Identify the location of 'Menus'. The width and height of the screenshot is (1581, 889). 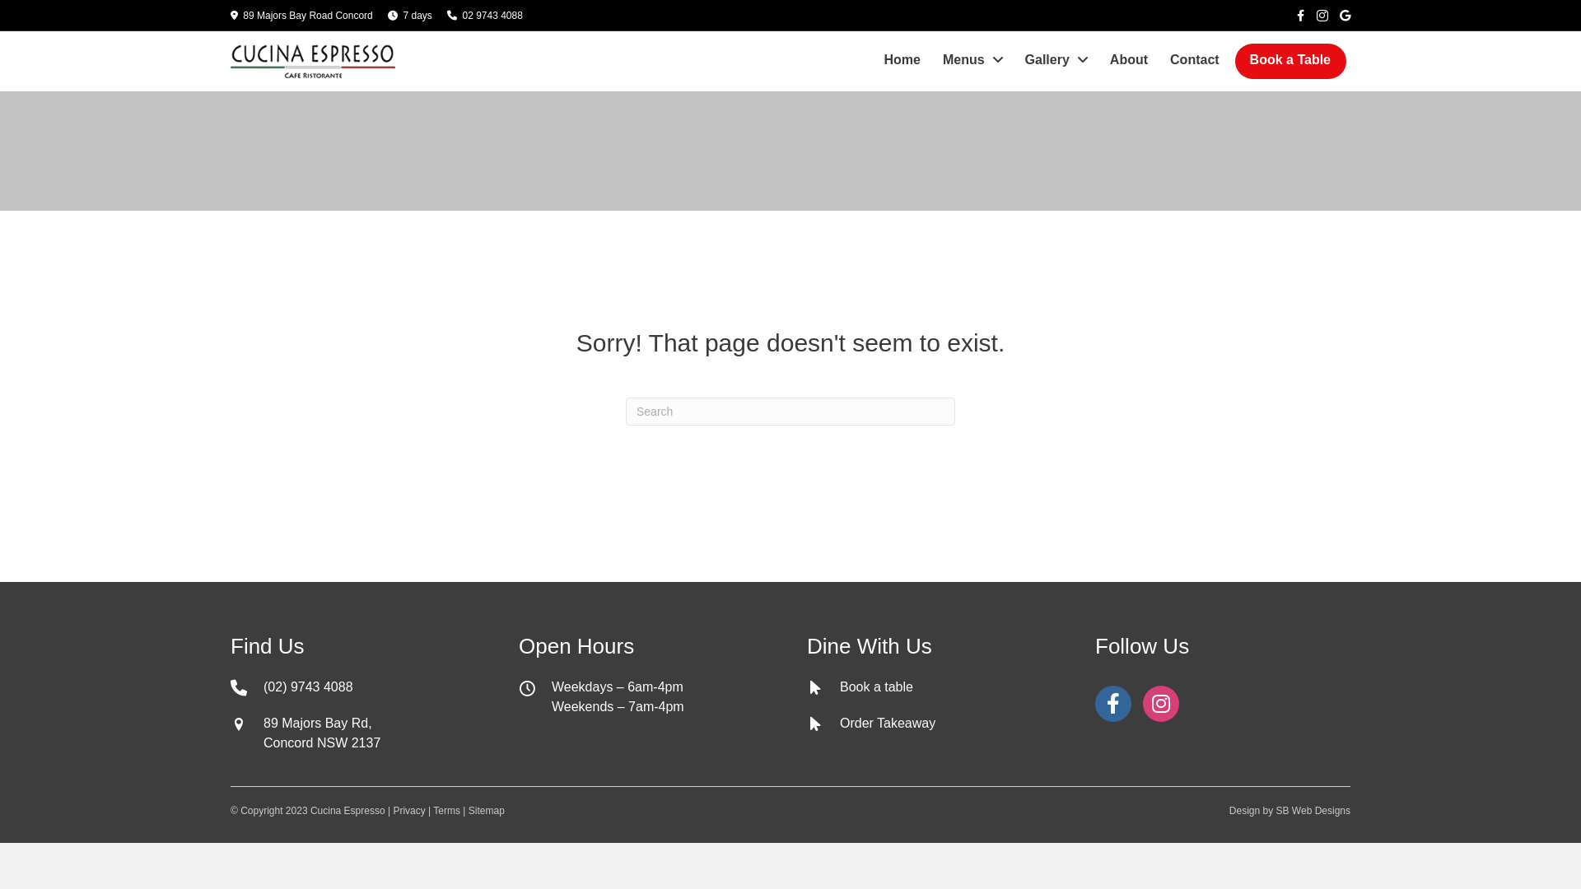
(972, 59).